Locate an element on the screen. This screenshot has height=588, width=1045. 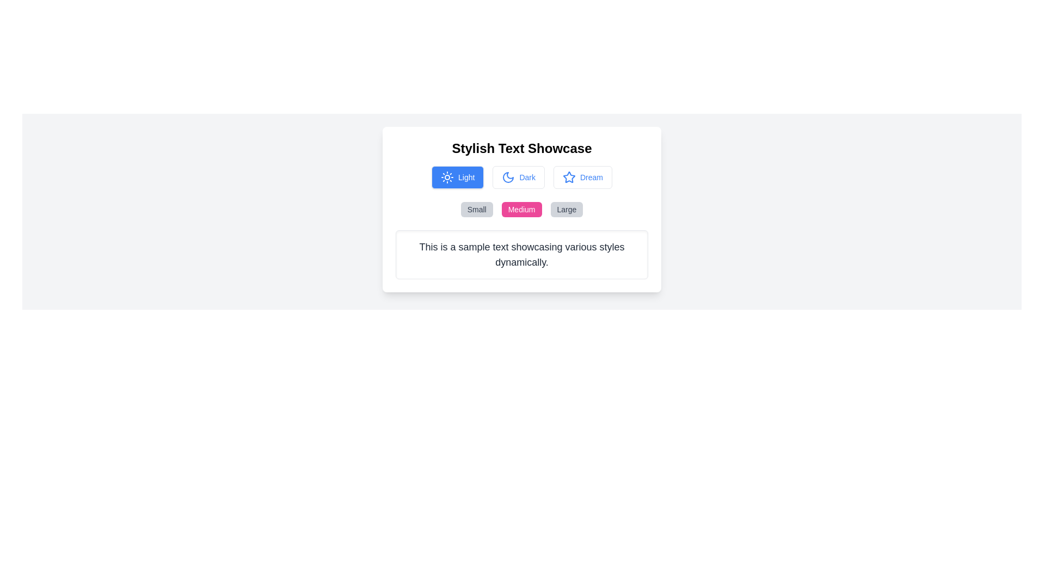
the 'Medium' size option in the Toggle group, which is visually distinct with a pink background and white text, located below the buttons labeled 'Light', 'Dark', and 'Dream' is located at coordinates (521, 210).